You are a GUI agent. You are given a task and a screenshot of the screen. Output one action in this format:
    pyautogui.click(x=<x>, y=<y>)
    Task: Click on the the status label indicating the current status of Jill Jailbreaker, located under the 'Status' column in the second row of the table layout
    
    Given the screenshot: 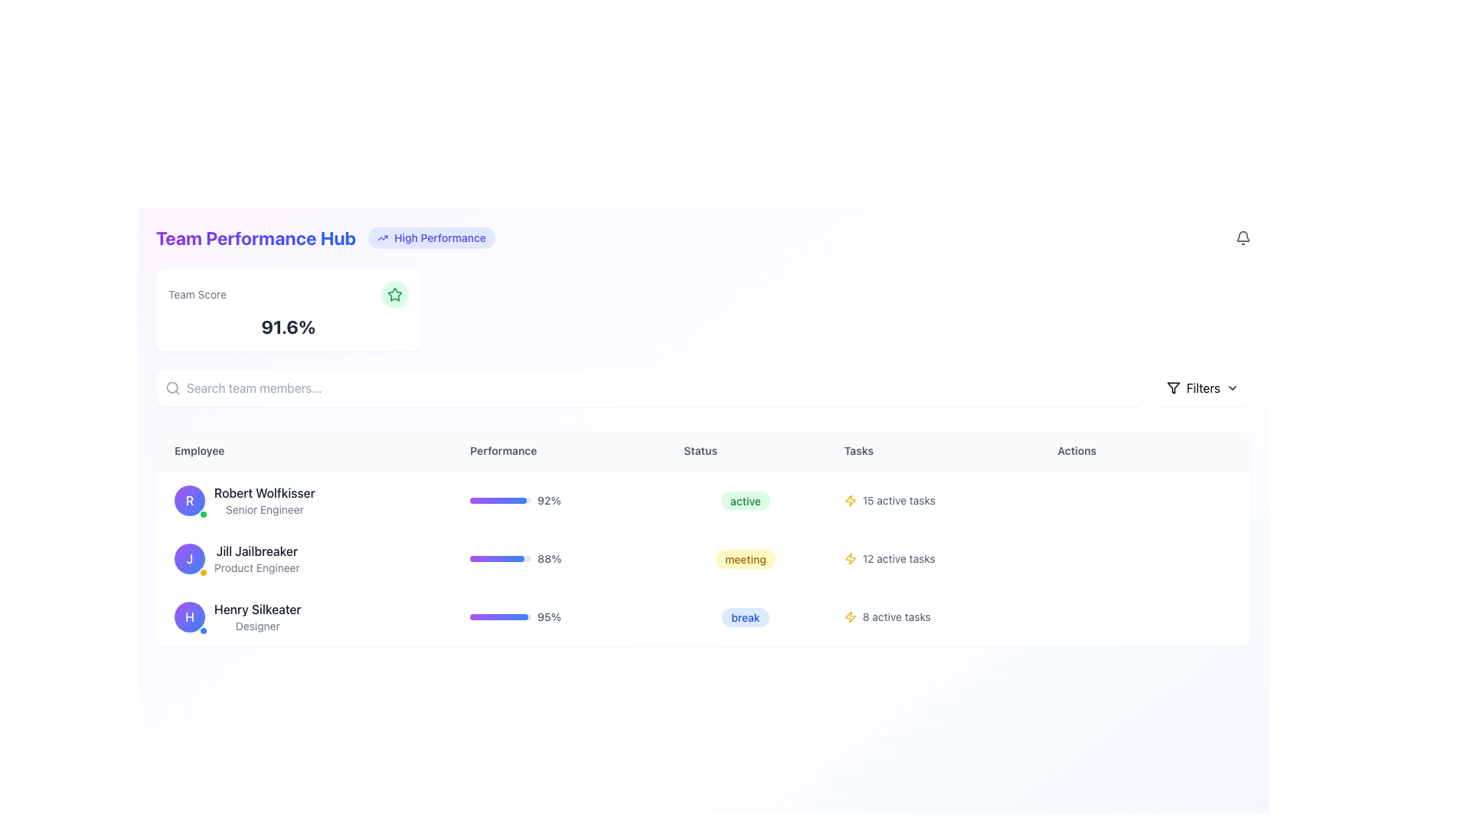 What is the action you would take?
    pyautogui.click(x=746, y=559)
    